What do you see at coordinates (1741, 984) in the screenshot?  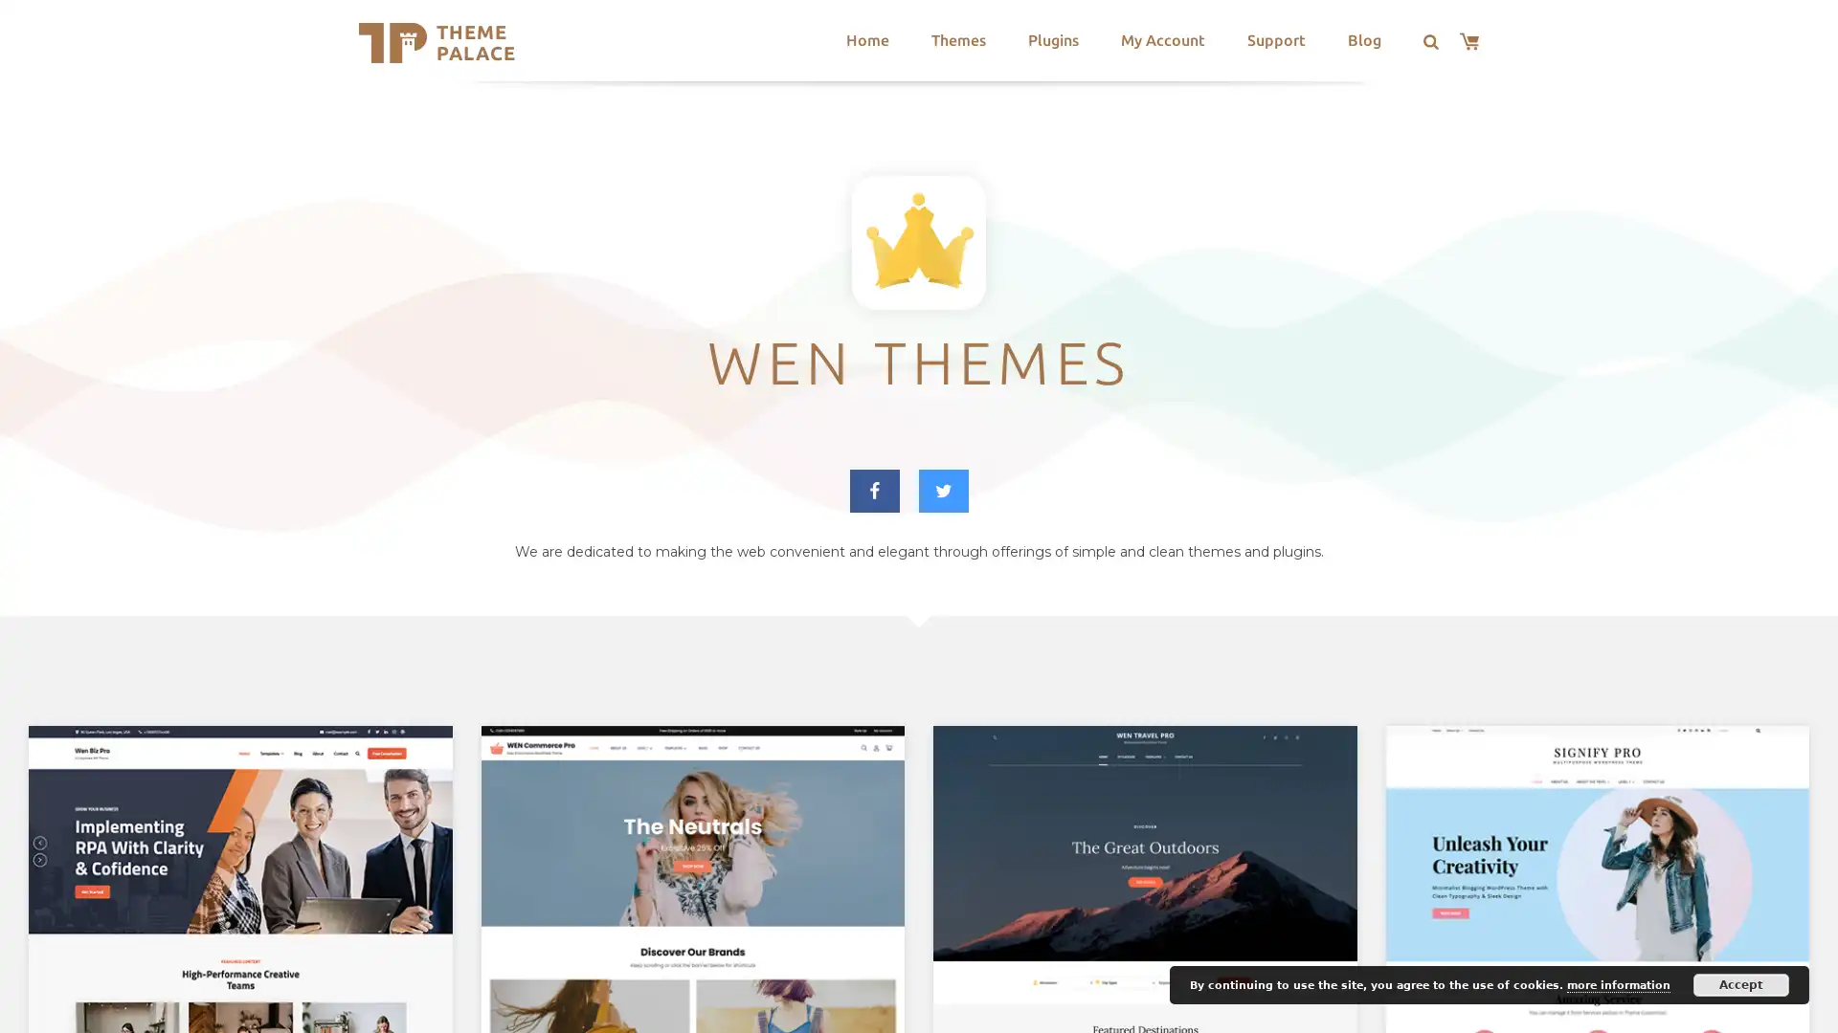 I see `Accept` at bounding box center [1741, 984].